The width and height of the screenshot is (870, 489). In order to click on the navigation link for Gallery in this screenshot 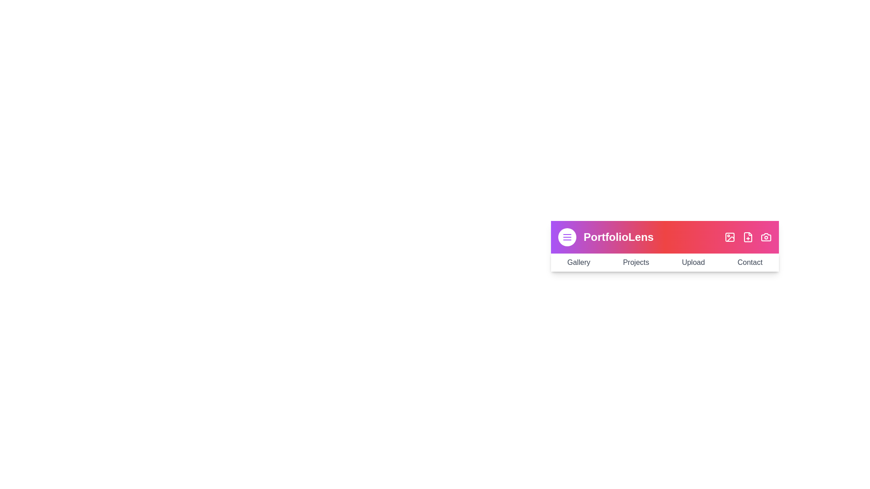, I will do `click(578, 262)`.